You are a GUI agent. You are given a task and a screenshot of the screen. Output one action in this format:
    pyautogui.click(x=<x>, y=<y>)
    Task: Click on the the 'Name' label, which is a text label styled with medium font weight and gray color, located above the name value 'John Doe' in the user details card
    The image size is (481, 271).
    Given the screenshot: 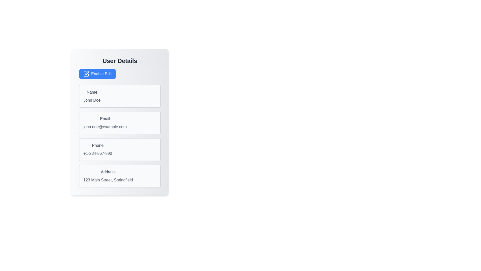 What is the action you would take?
    pyautogui.click(x=92, y=92)
    